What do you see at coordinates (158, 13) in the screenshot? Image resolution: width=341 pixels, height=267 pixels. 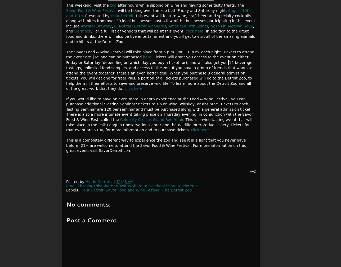 I see `'August 10th and 11th'` at bounding box center [158, 13].